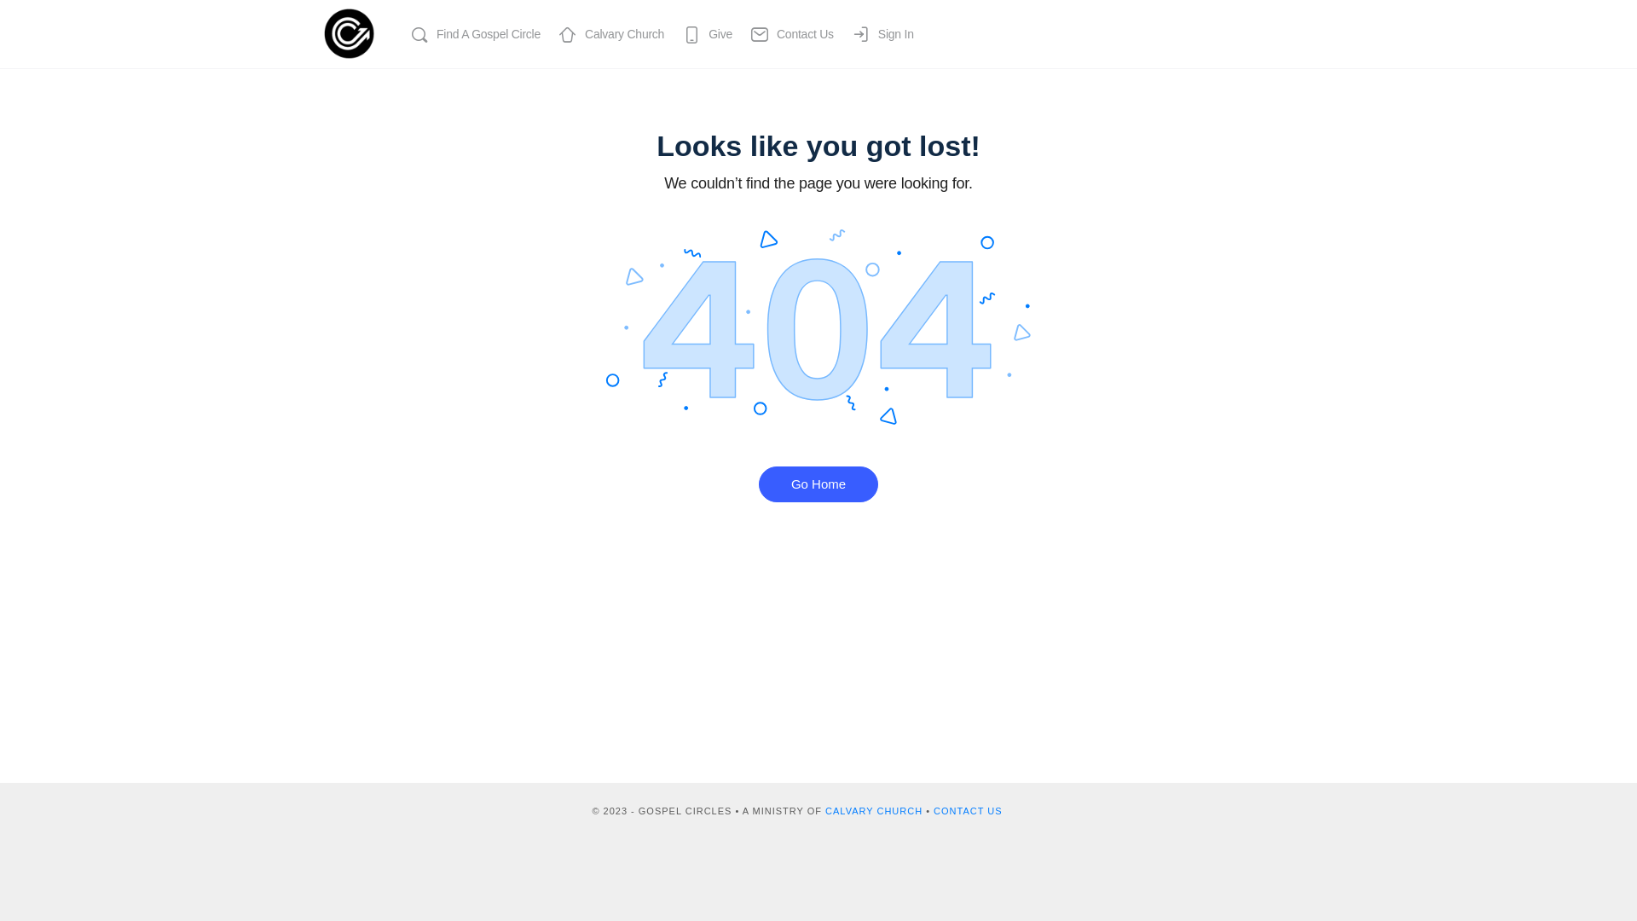 Image resolution: width=1637 pixels, height=921 pixels. Describe the element at coordinates (851, 33) in the screenshot. I see `'Sign In'` at that location.